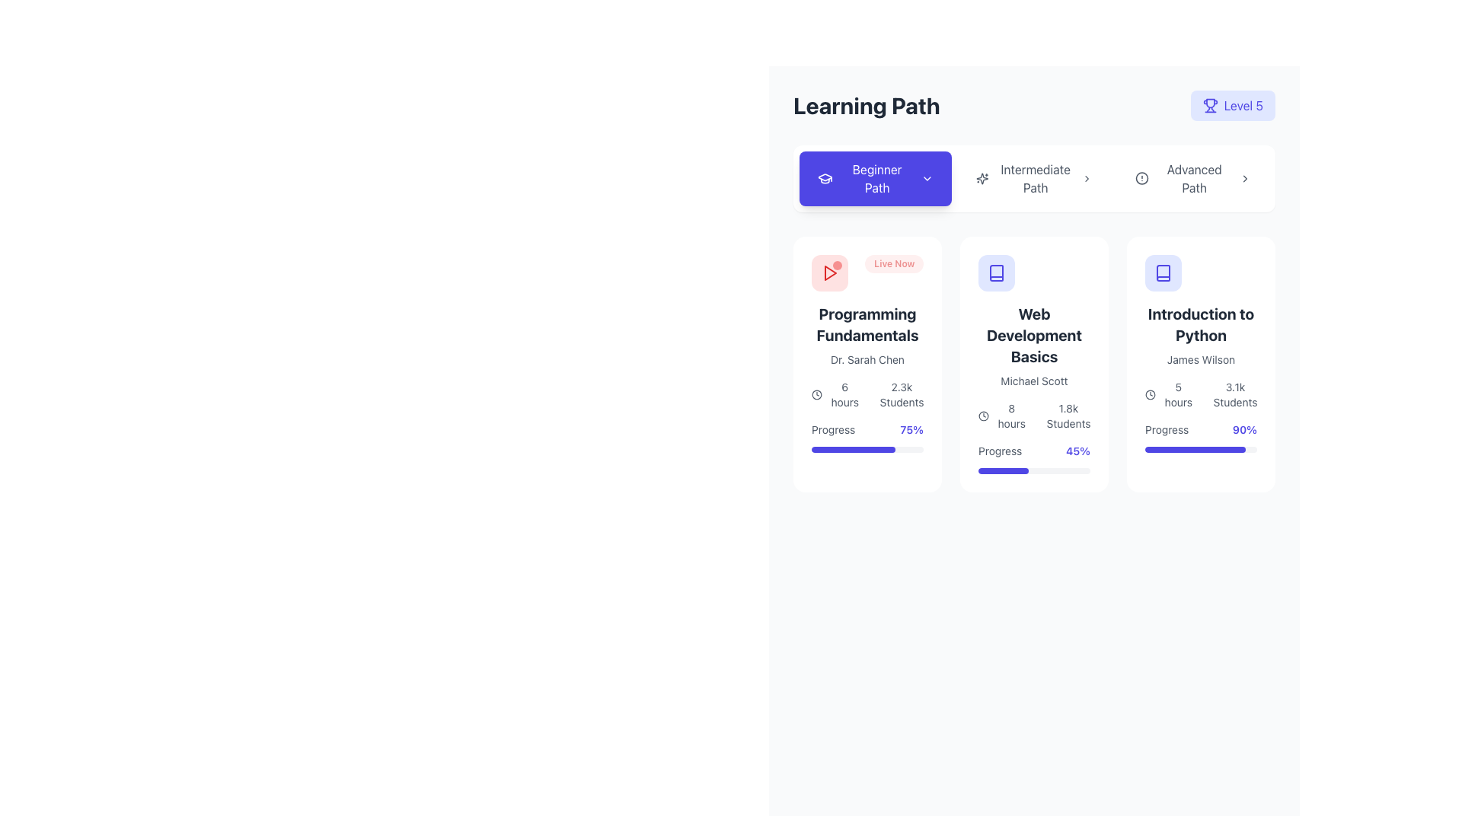  What do you see at coordinates (1200, 448) in the screenshot?
I see `the Progress bar located in the 'Introduction to Python' card, positioned below the 'Progress' label and '90%' text` at bounding box center [1200, 448].